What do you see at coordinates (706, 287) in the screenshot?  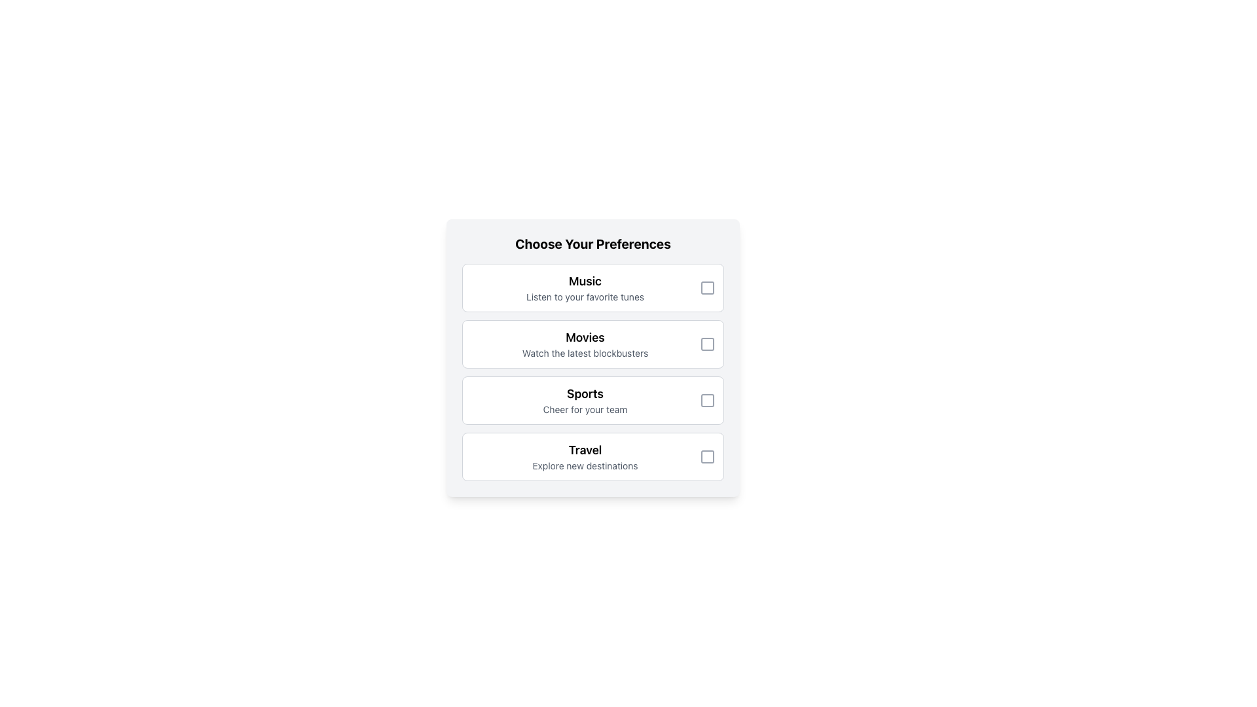 I see `the interactive checkbox indicating the selection state of the 'Music' preference in the preferences list` at bounding box center [706, 287].